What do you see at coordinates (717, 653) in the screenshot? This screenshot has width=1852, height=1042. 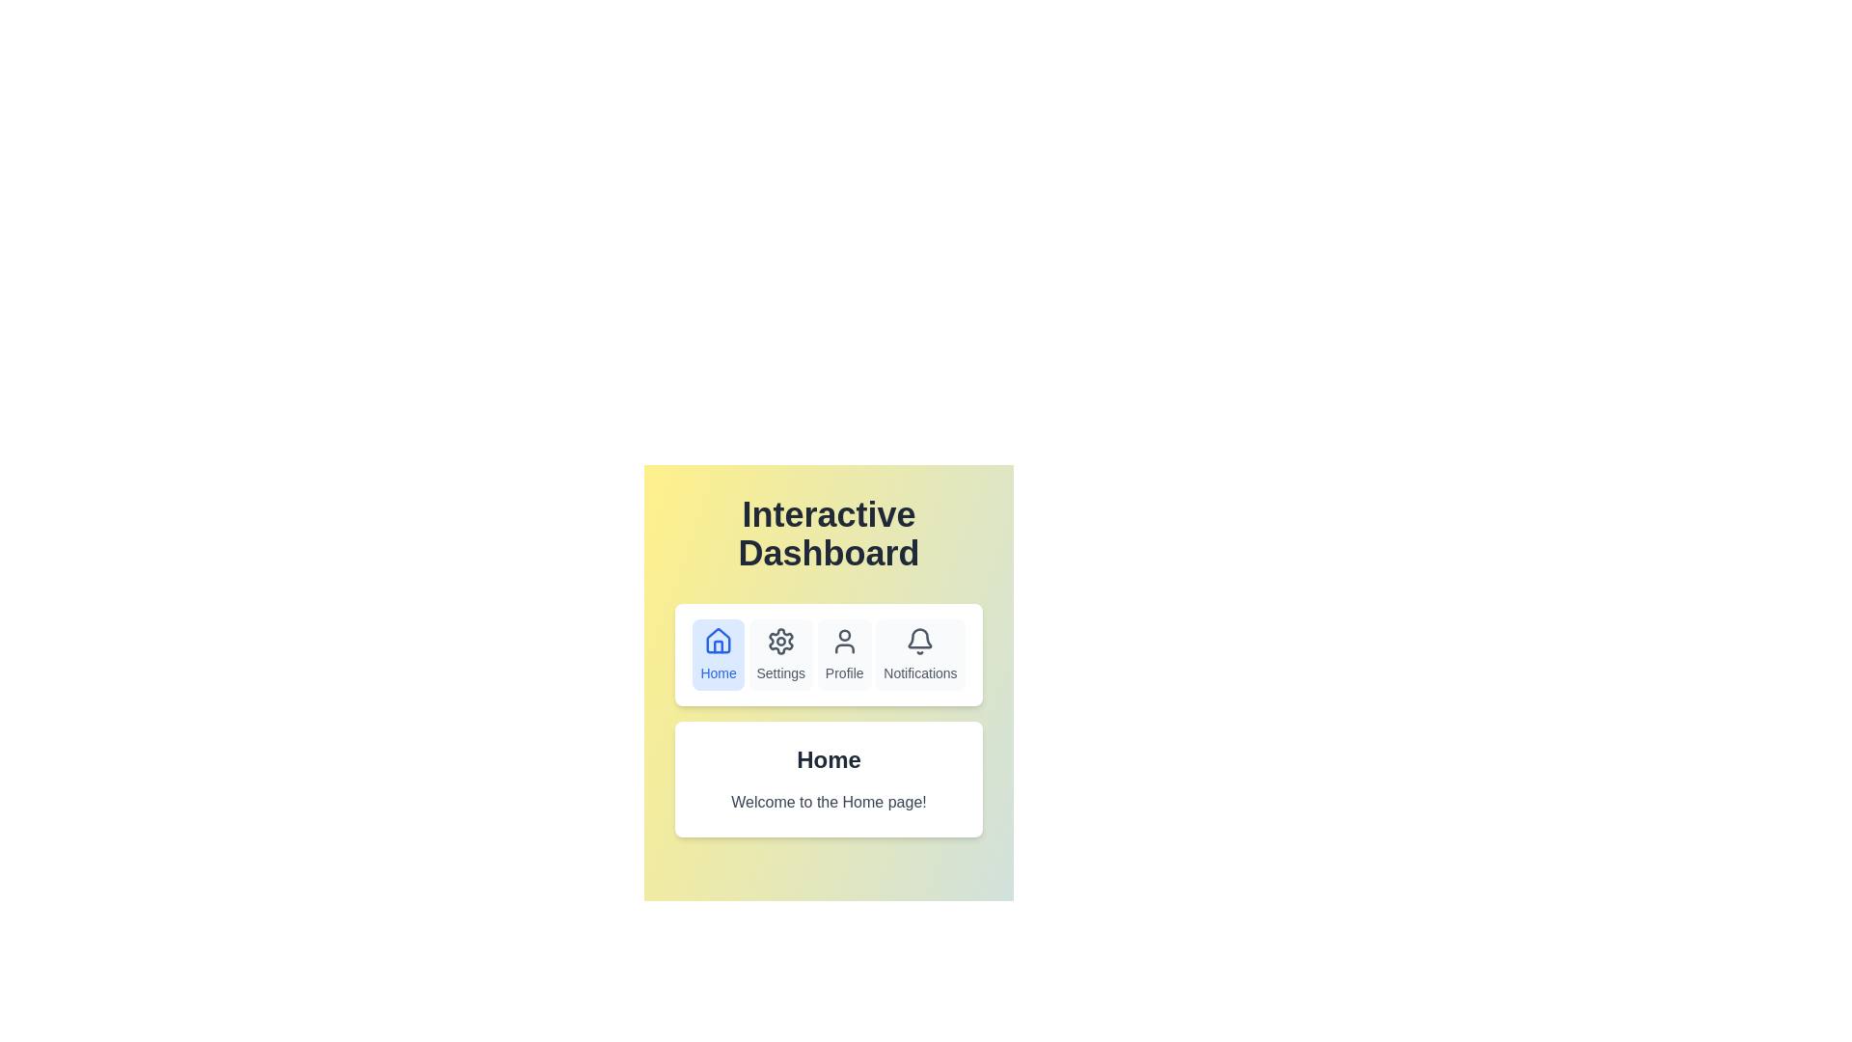 I see `the Home tab in the navigation bar` at bounding box center [717, 653].